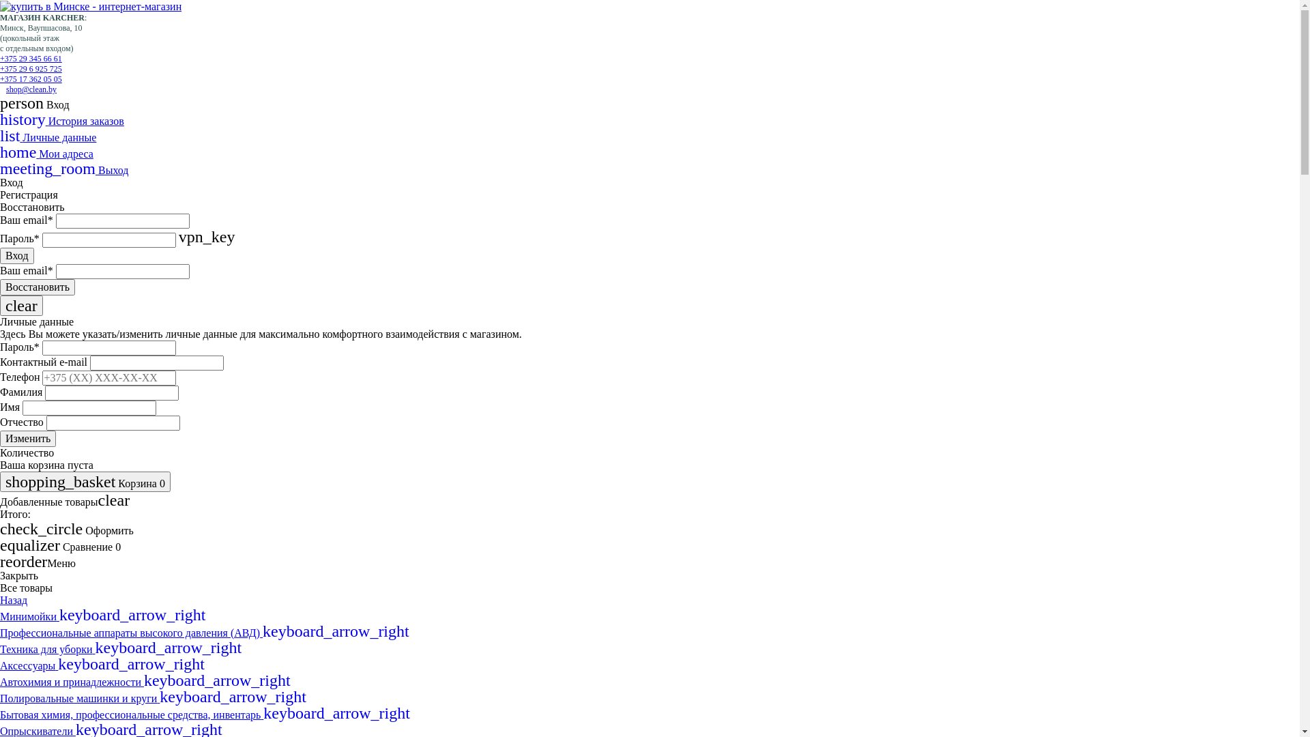  Describe the element at coordinates (31, 68) in the screenshot. I see `'+375 29 6 925 725'` at that location.